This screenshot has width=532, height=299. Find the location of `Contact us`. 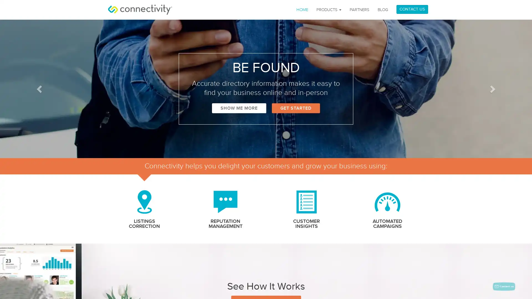

Contact us is located at coordinates (504, 286).